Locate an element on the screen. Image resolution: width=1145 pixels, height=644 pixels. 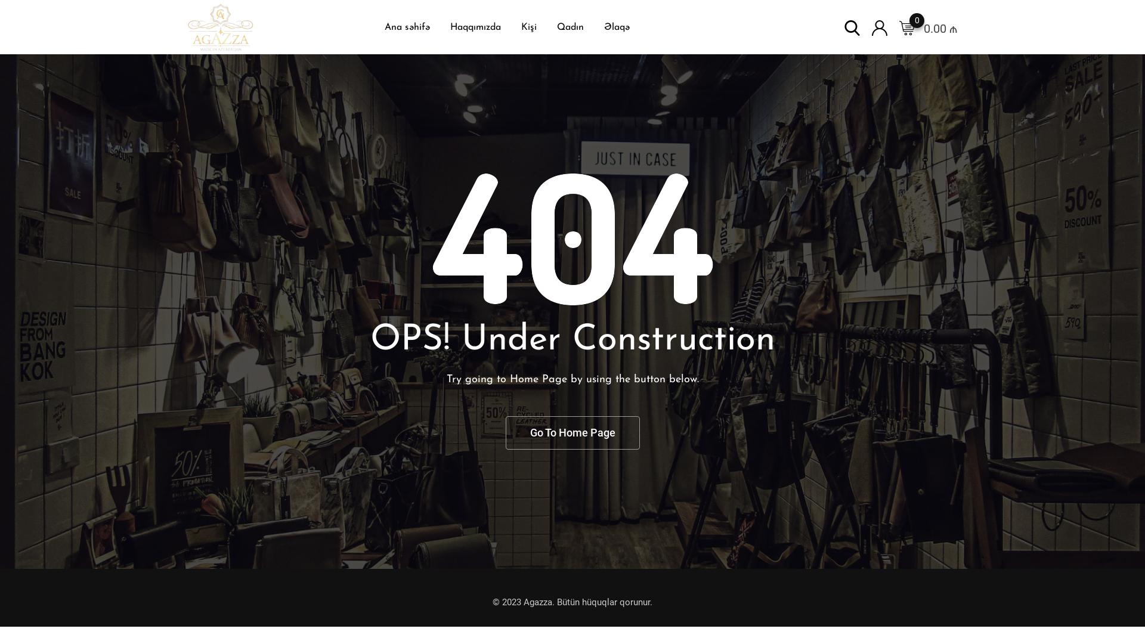
'Search' is located at coordinates (852, 27).